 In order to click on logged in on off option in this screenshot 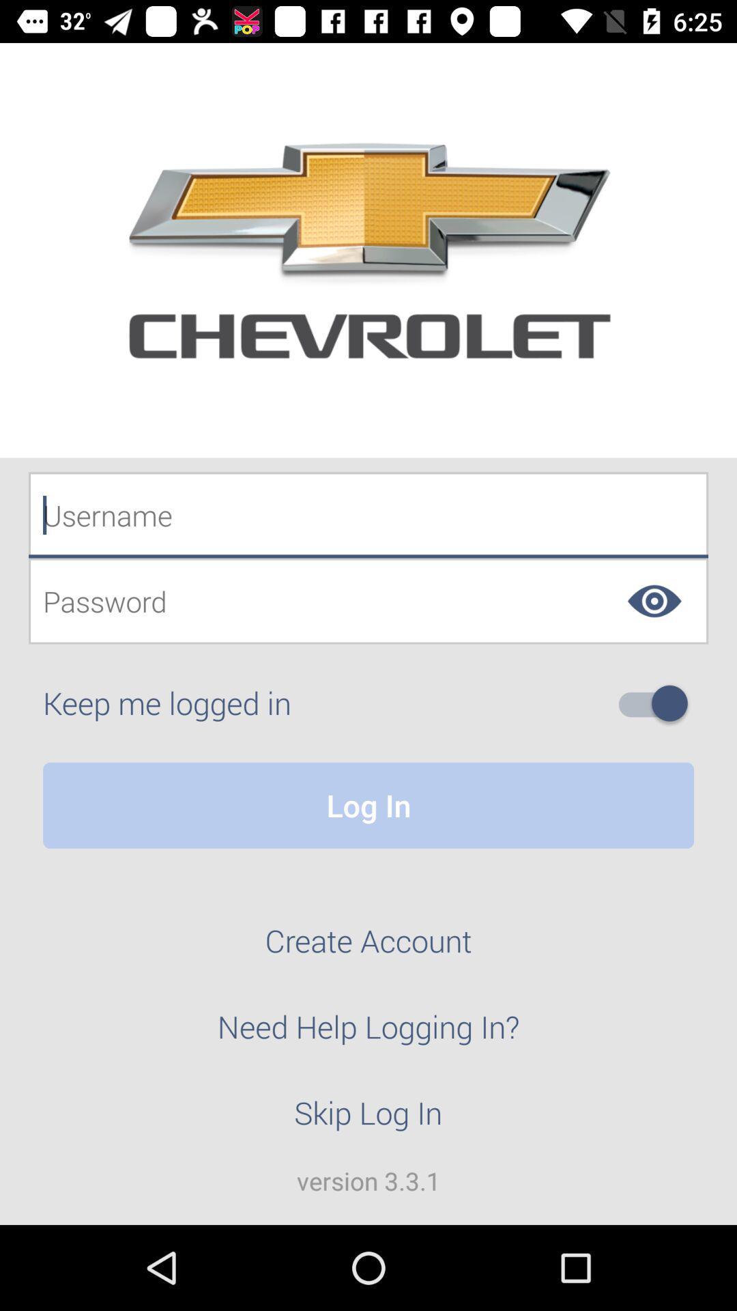, I will do `click(658, 703)`.